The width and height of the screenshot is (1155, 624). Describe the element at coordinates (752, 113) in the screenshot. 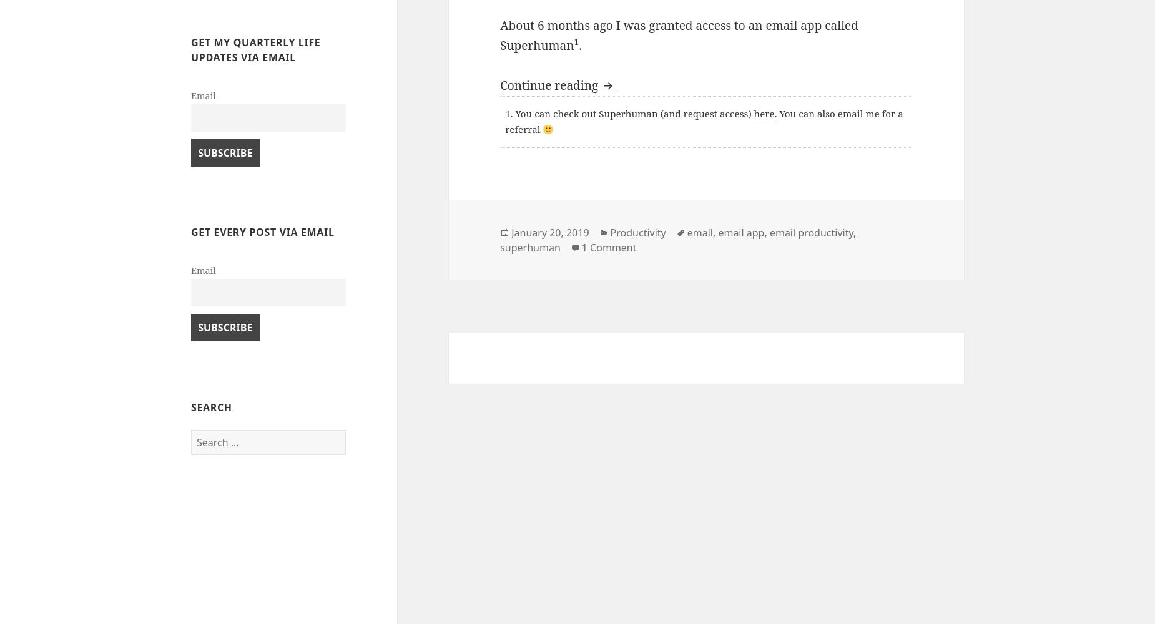

I see `'here'` at that location.